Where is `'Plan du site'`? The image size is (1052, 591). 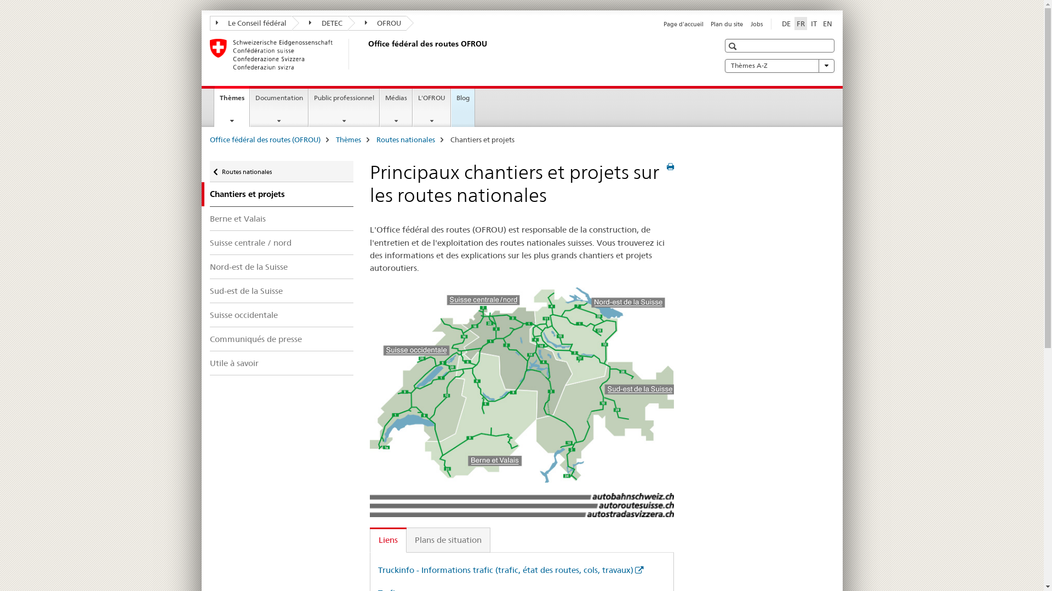 'Plan du site' is located at coordinates (710, 24).